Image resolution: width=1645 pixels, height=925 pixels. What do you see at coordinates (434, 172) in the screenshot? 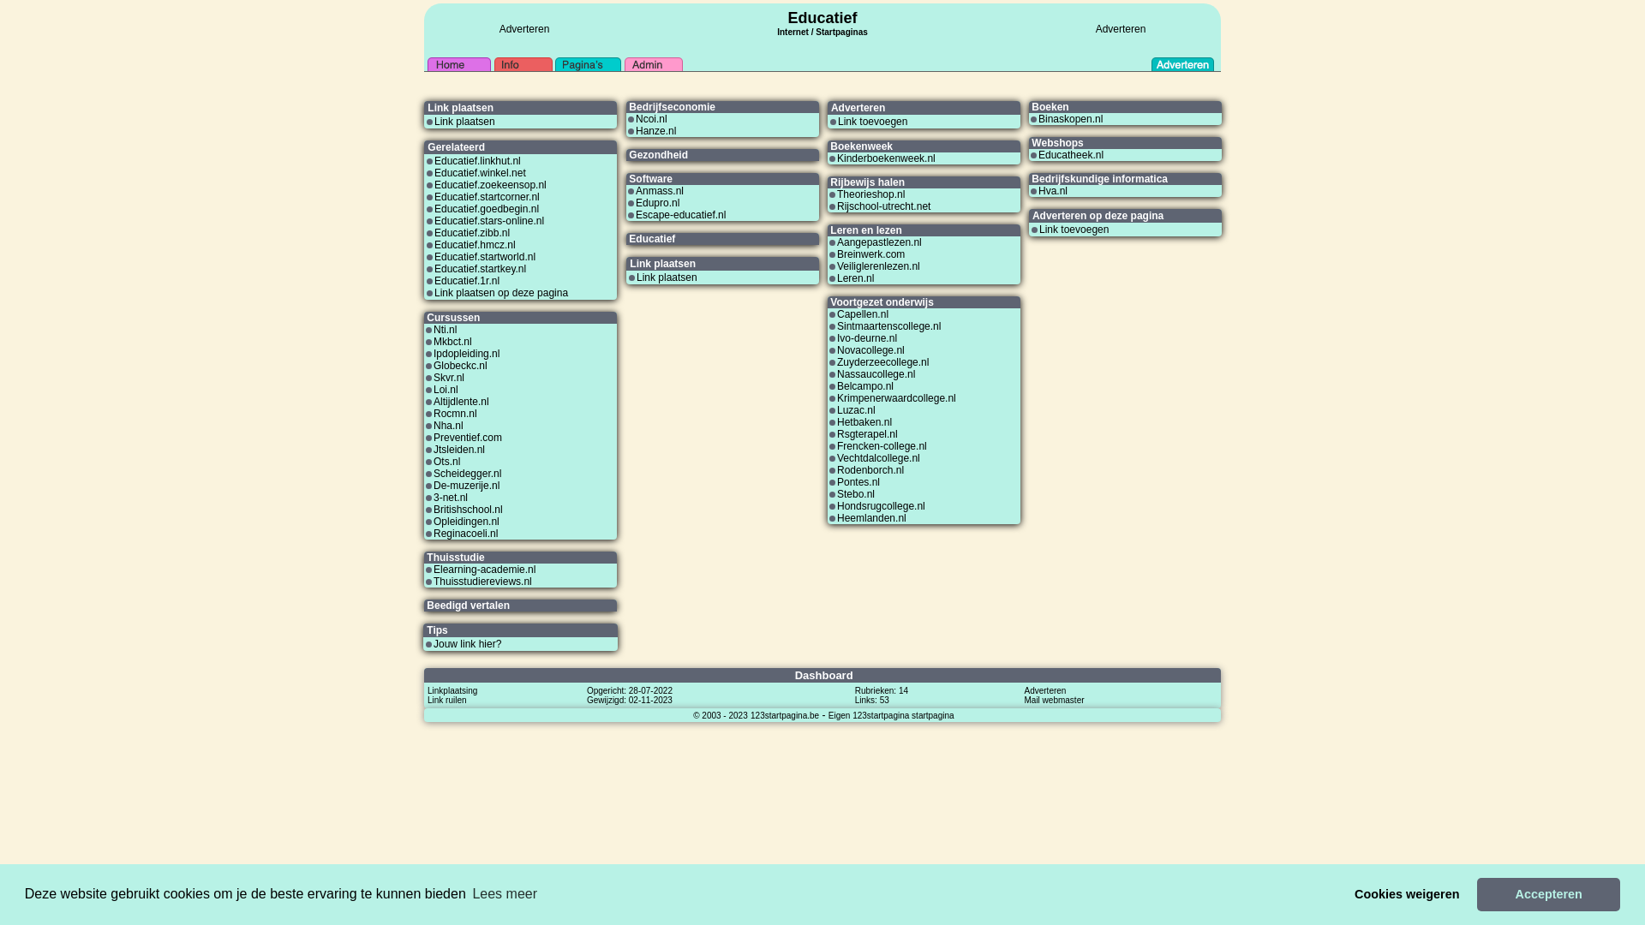
I see `'Educatief.winkel.net'` at bounding box center [434, 172].